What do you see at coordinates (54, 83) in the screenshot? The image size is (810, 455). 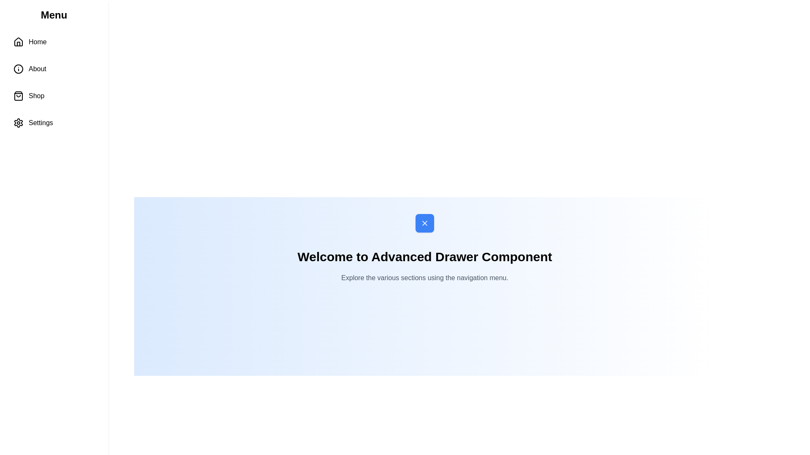 I see `the 'About' link in the vertical navigation menu located below the 'Menu' title` at bounding box center [54, 83].